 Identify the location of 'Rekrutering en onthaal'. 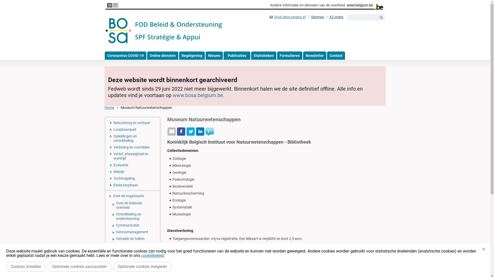
(105, 122).